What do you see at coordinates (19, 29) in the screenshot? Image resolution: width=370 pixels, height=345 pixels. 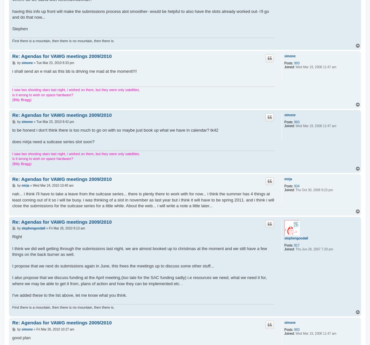 I see `'Stephen'` at bounding box center [19, 29].